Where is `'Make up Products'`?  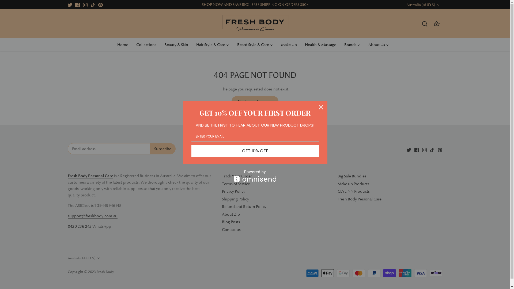
'Make up Products' is located at coordinates (353, 184).